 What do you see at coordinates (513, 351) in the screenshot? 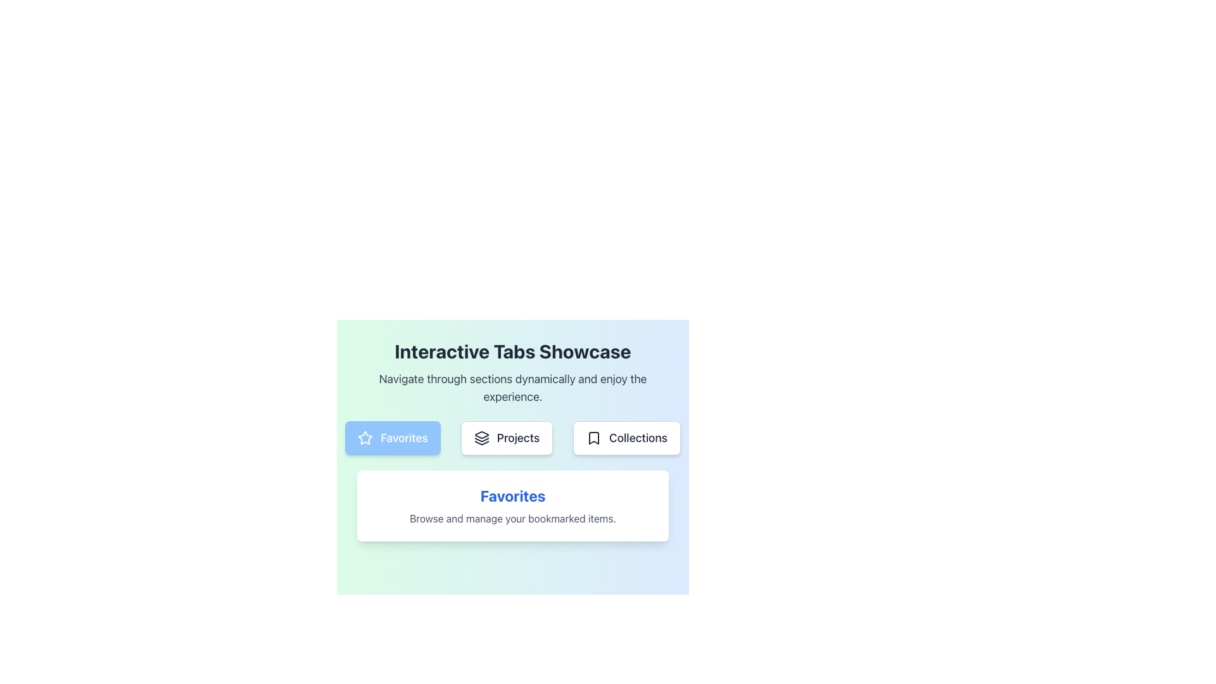
I see `the large, bold title text that reads 'Interactive Tabs Showcase', which is centered at the top of the section` at bounding box center [513, 351].